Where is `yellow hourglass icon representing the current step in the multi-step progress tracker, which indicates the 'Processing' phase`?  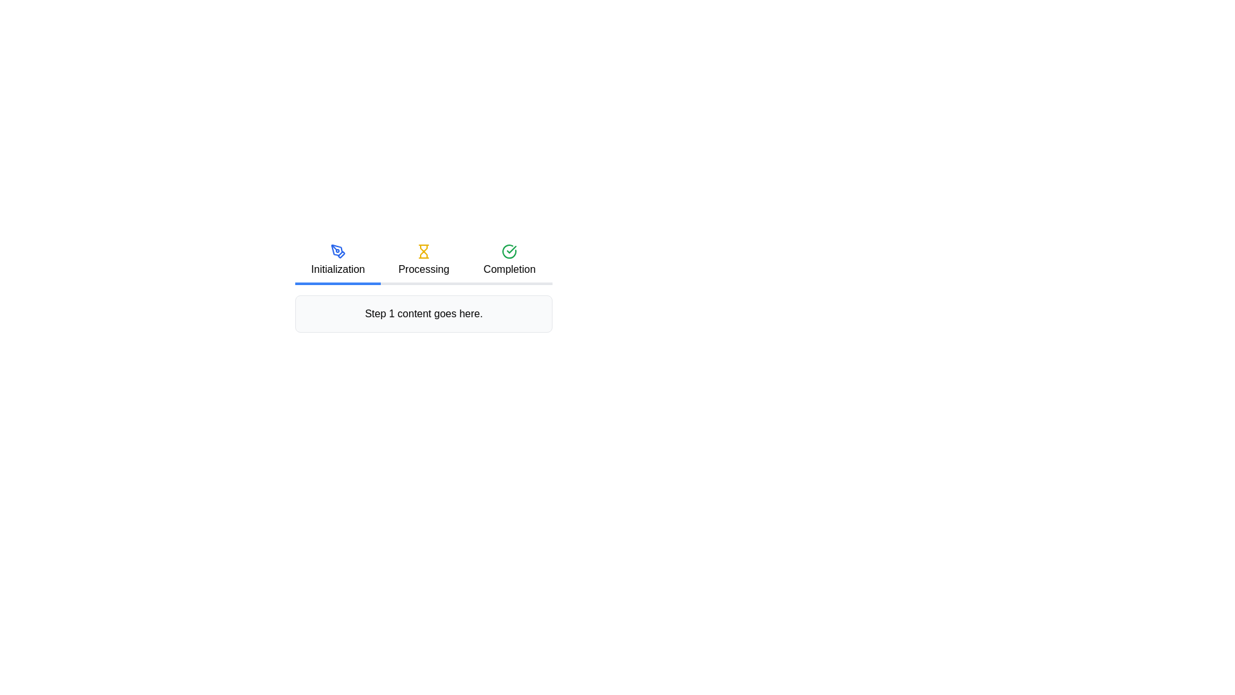
yellow hourglass icon representing the current step in the multi-step progress tracker, which indicates the 'Processing' phase is located at coordinates (423, 261).